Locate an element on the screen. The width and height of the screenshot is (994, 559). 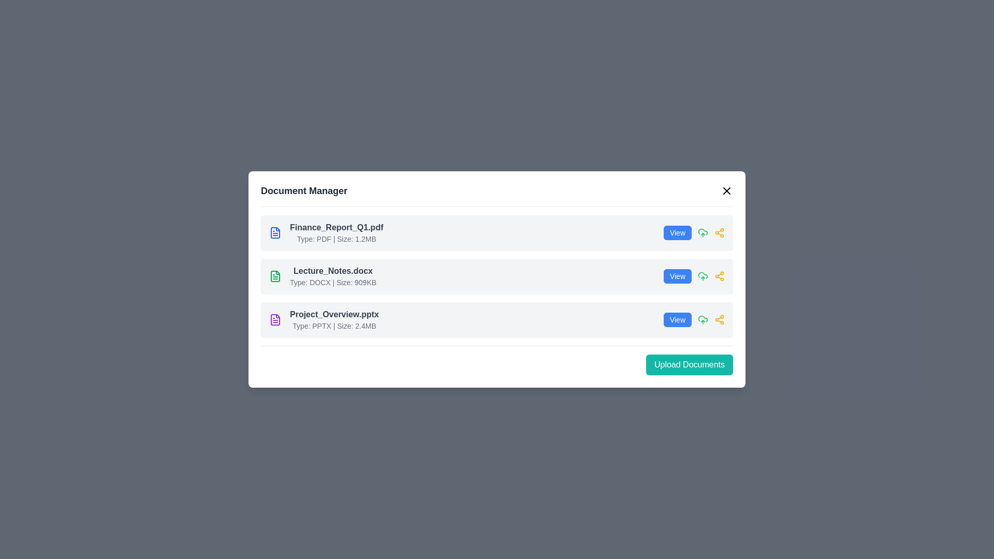
the close button located at the top-right corner of the 'Document Manager' interface is located at coordinates (726, 191).